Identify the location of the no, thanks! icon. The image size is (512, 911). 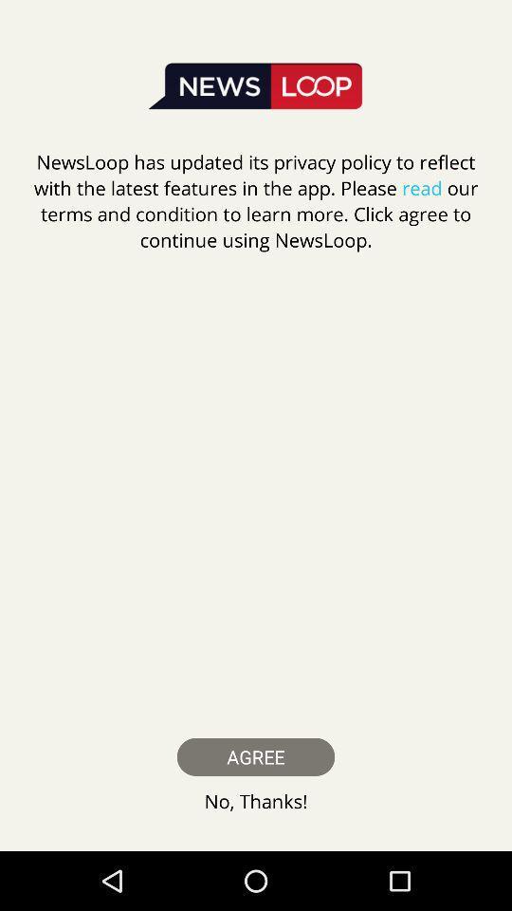
(256, 800).